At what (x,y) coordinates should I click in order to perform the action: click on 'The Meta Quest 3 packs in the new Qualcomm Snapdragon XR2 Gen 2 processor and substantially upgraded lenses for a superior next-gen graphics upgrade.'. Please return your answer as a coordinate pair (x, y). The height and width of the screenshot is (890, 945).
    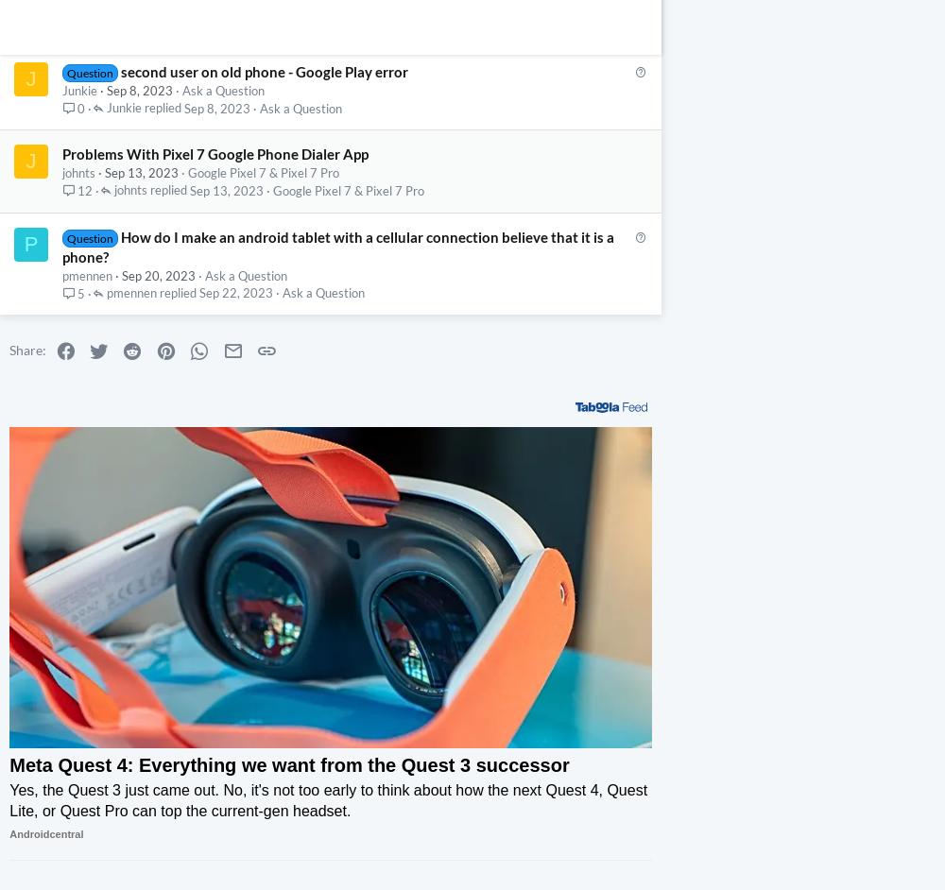
    Looking at the image, I should click on (302, 788).